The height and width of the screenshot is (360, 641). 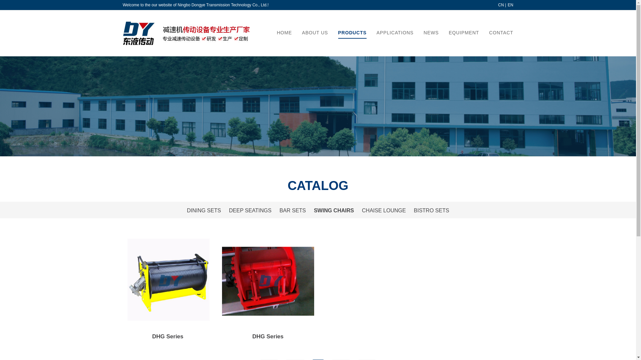 I want to click on 'EN', so click(x=510, y=5).